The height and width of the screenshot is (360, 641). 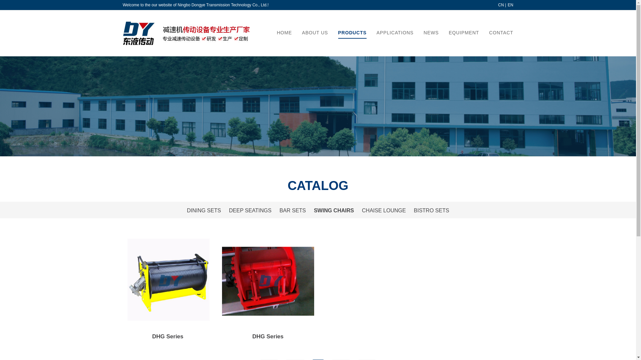 I want to click on 'EN', so click(x=510, y=5).